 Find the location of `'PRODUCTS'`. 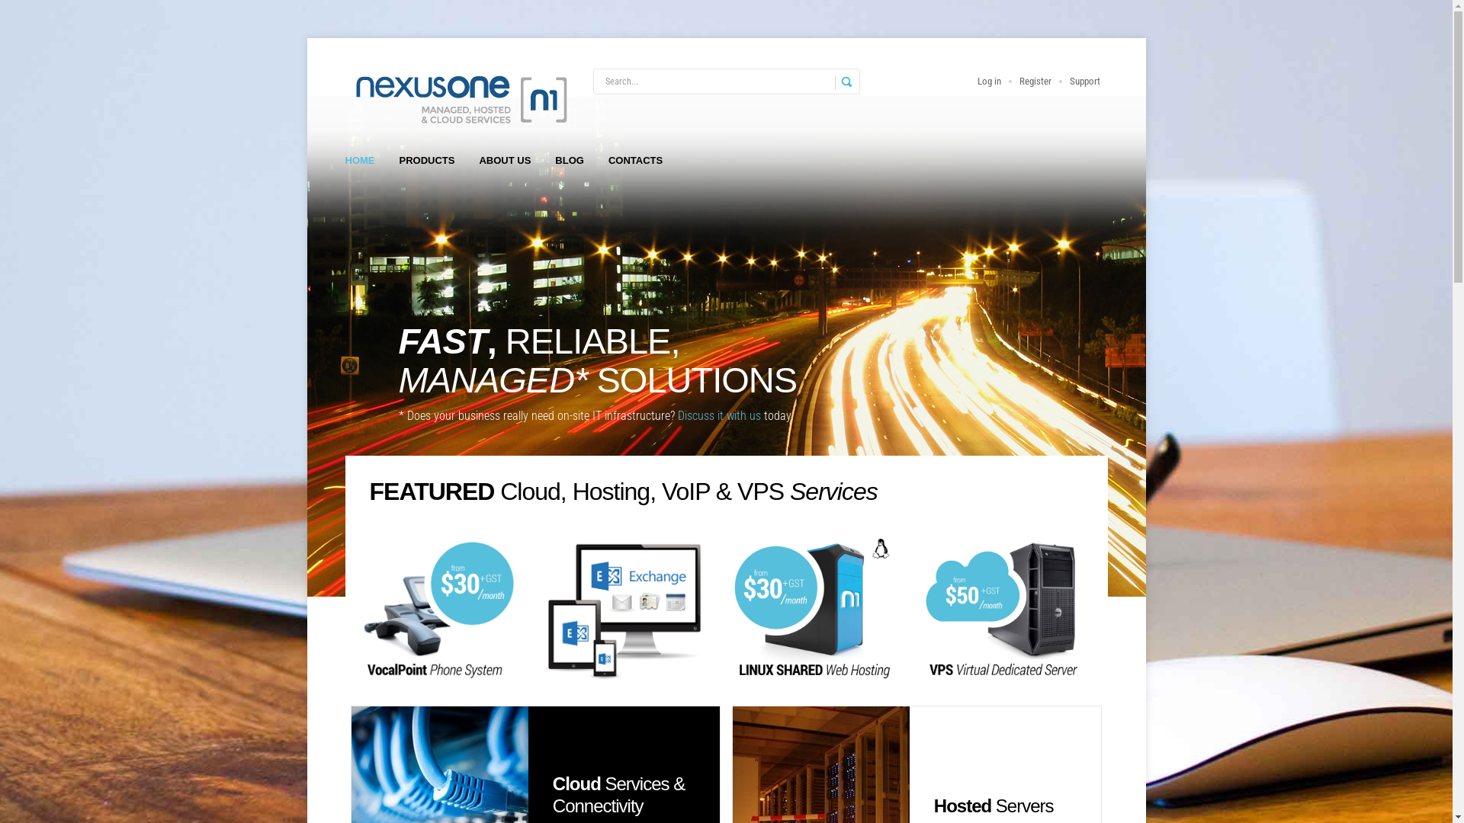

'PRODUCTS' is located at coordinates (427, 161).